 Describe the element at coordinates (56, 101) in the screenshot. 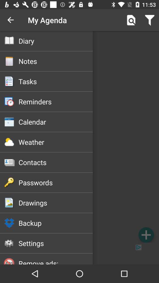

I see `icon below the tasks` at that location.